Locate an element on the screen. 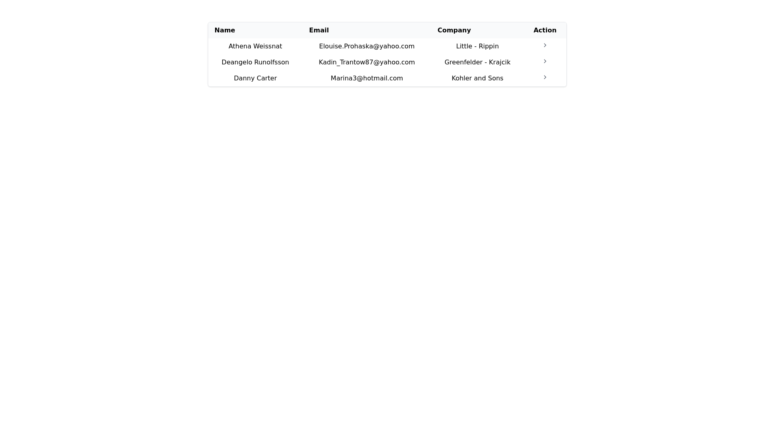 The image size is (769, 432). the text display that shows the email address, which is positioned in the second column of the first content row of the table, between 'Athena Weissnat' and 'Little - Rippin' is located at coordinates (366, 46).